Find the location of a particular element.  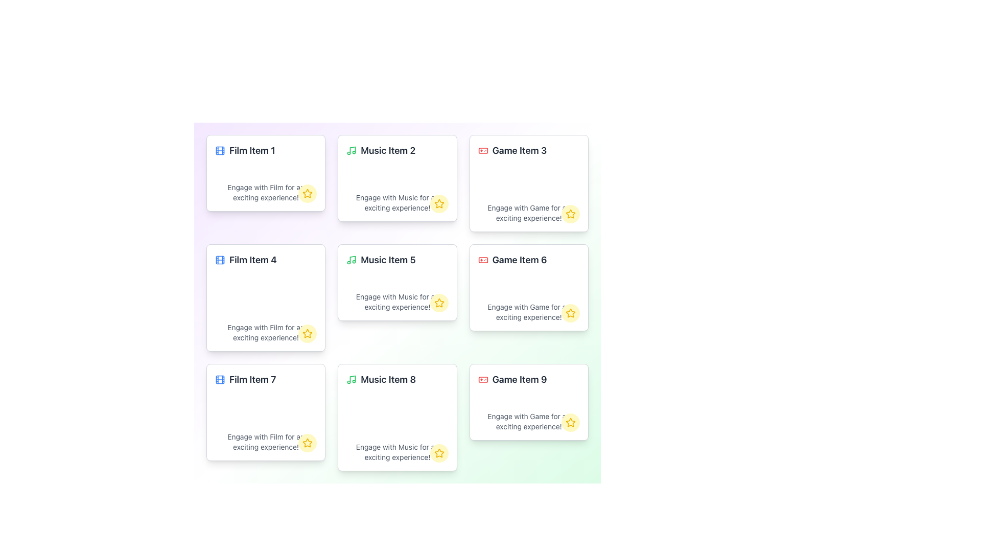

the star icon button located at the bottom-right corner of the 'Game Item 3' card to mark it as a favorite is located at coordinates (570, 214).